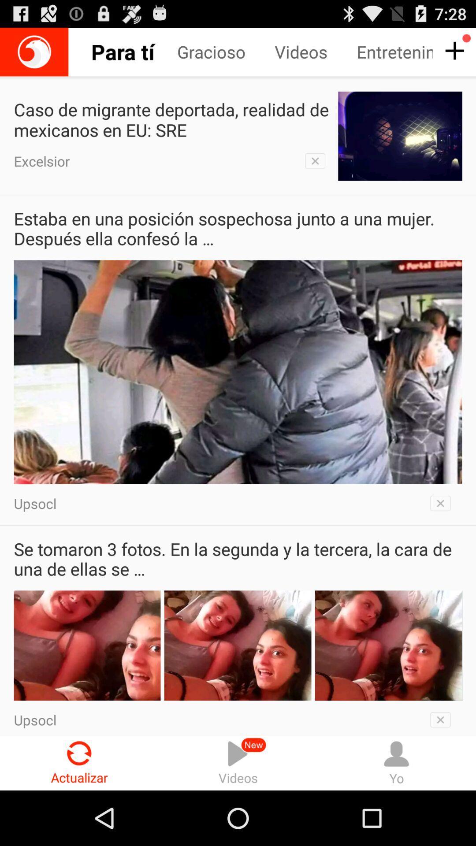 The height and width of the screenshot is (846, 476). Describe the element at coordinates (443, 717) in the screenshot. I see `button` at that location.